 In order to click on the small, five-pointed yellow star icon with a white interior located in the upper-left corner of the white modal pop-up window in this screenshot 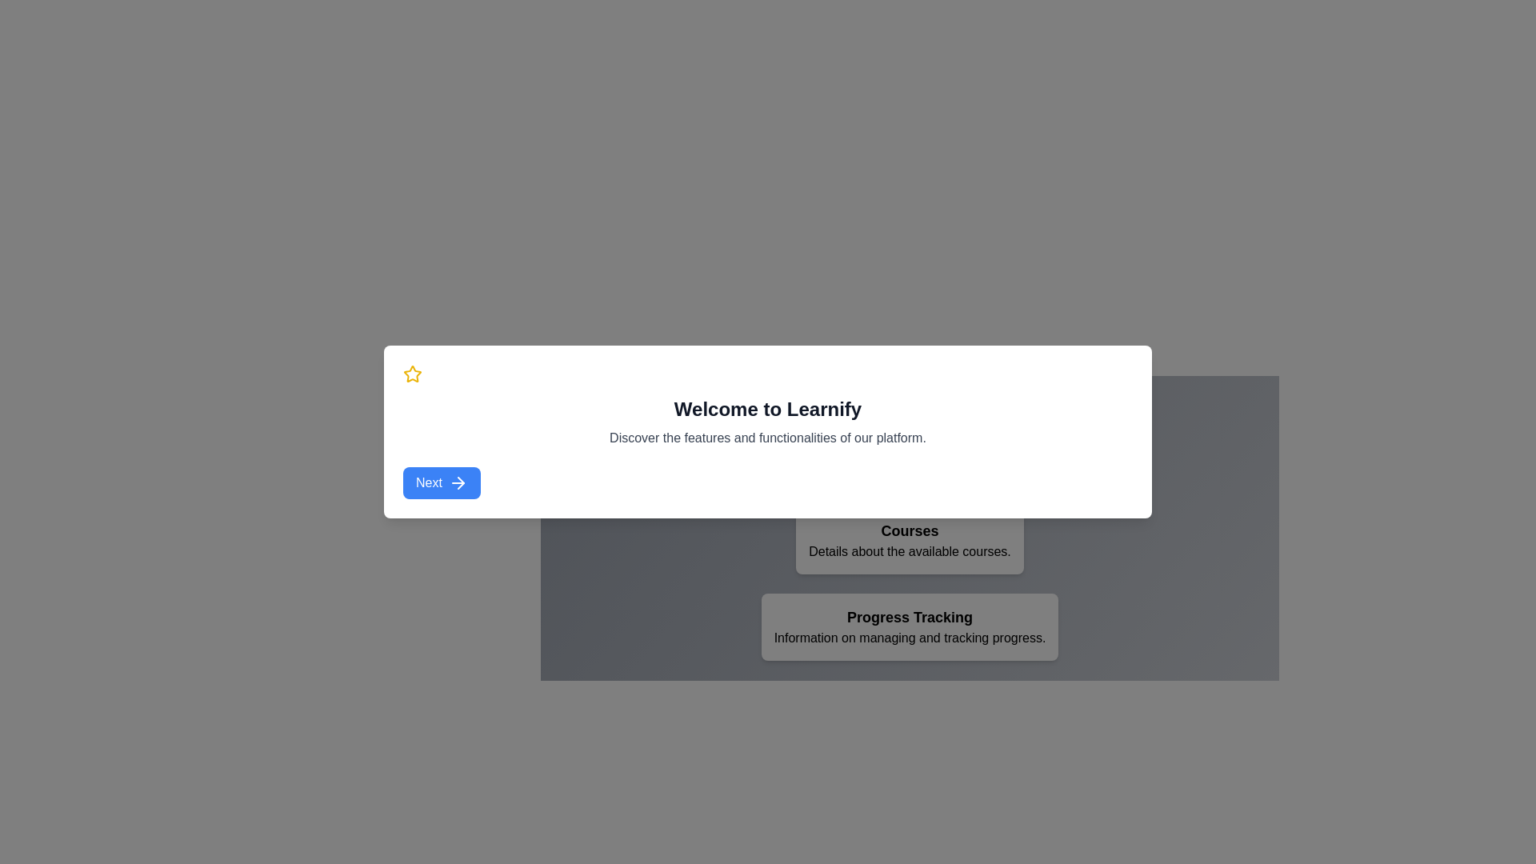, I will do `click(412, 374)`.